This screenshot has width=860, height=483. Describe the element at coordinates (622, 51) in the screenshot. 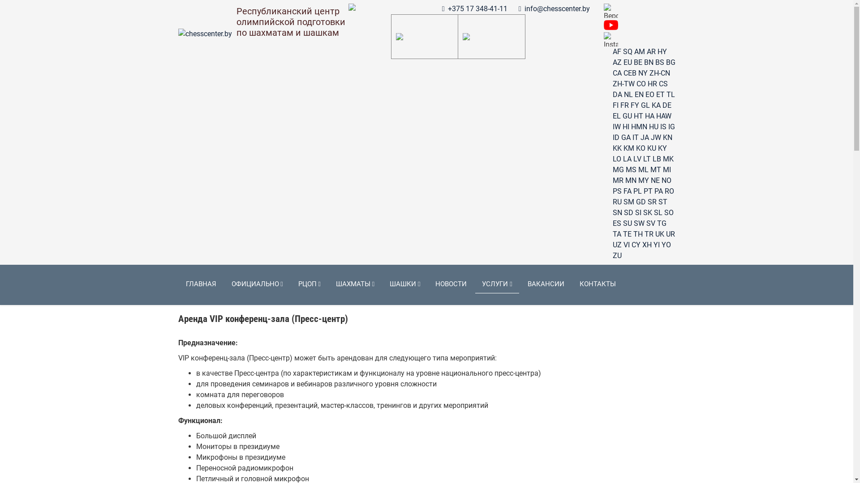

I see `'SQ'` at that location.